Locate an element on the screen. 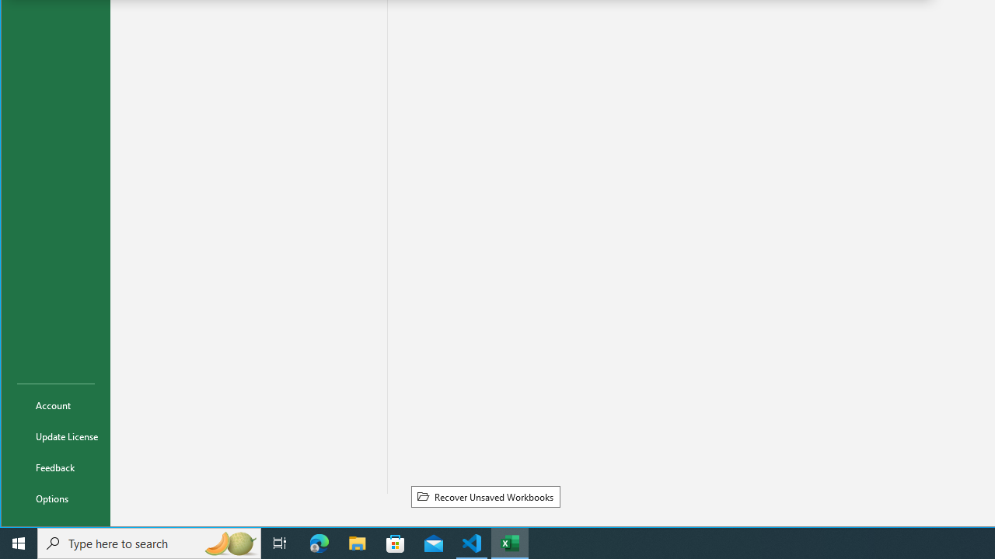 This screenshot has width=995, height=559. 'Type here to search' is located at coordinates (149, 542).